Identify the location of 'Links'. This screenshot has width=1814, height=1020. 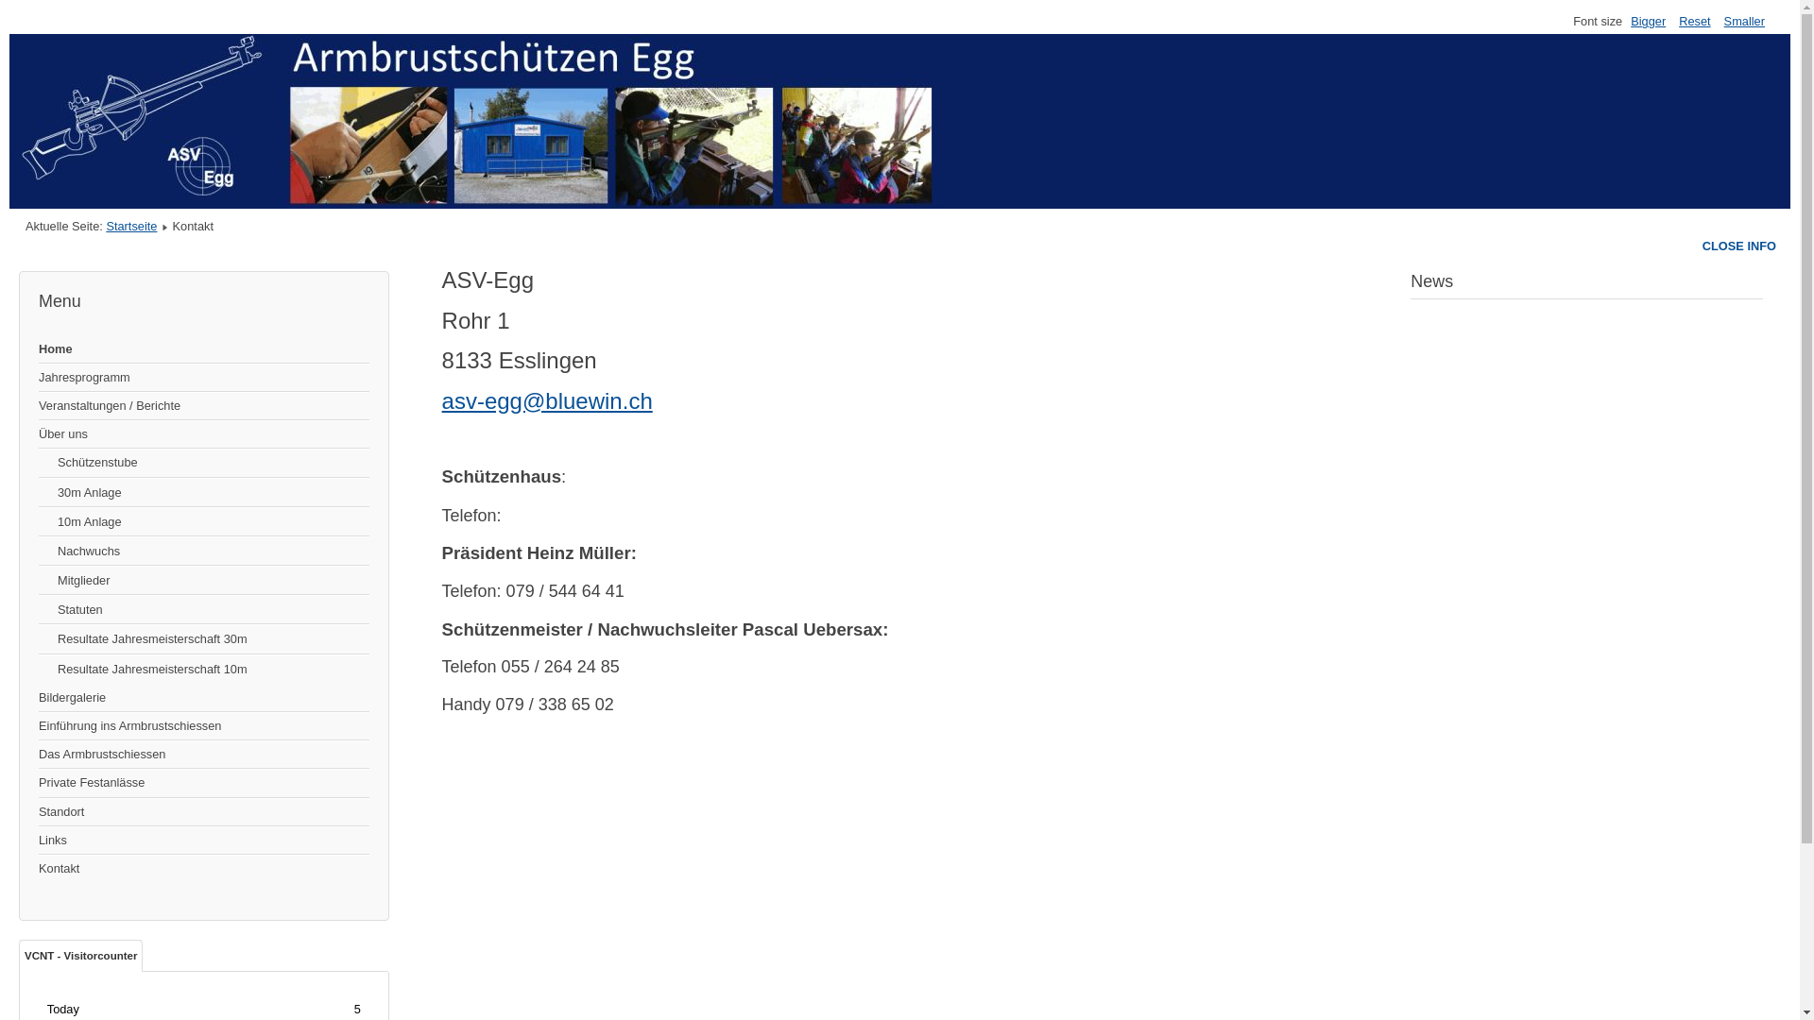
(204, 840).